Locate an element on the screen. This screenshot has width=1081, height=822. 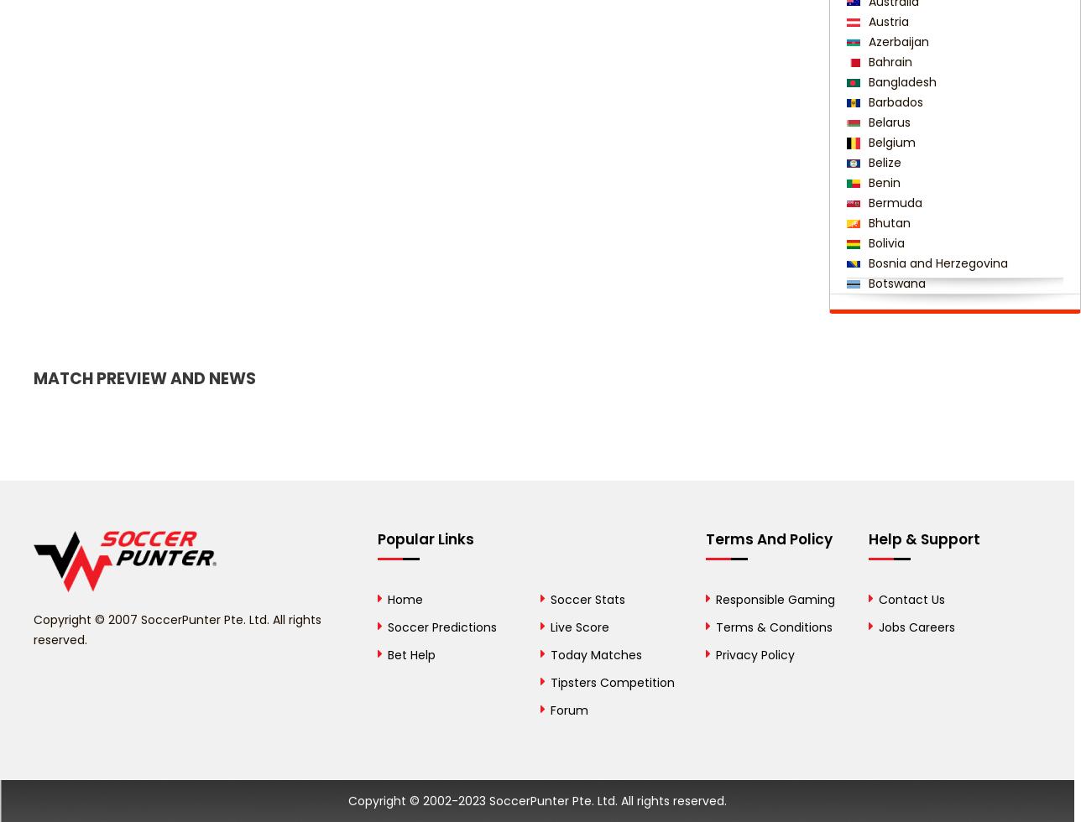
'Tipsters Competition' is located at coordinates (549, 682).